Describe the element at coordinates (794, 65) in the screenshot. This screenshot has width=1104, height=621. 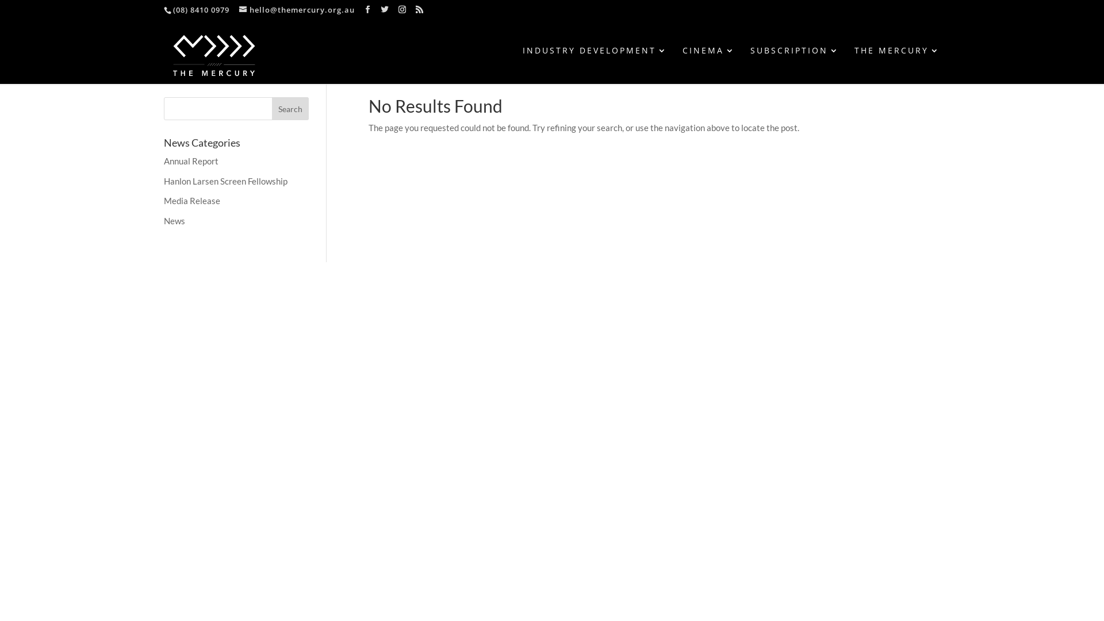
I see `'SUBSCRIPTION'` at that location.